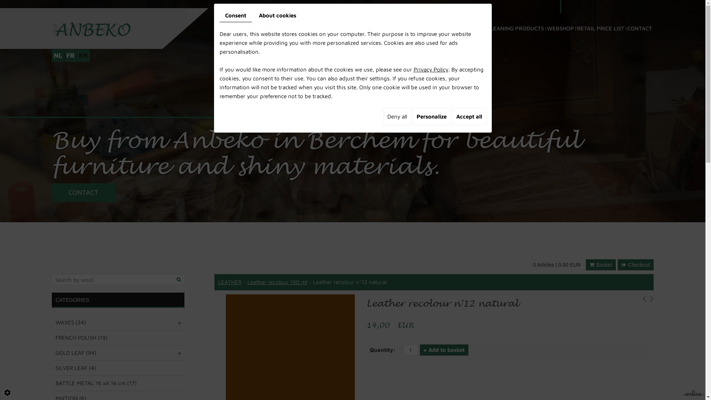  Describe the element at coordinates (51, 55) in the screenshot. I see `'NL'` at that location.